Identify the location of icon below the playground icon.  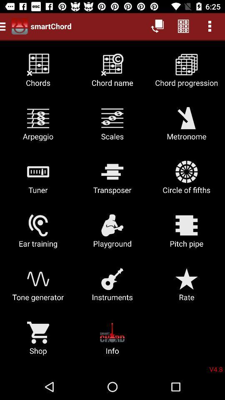
(186, 287).